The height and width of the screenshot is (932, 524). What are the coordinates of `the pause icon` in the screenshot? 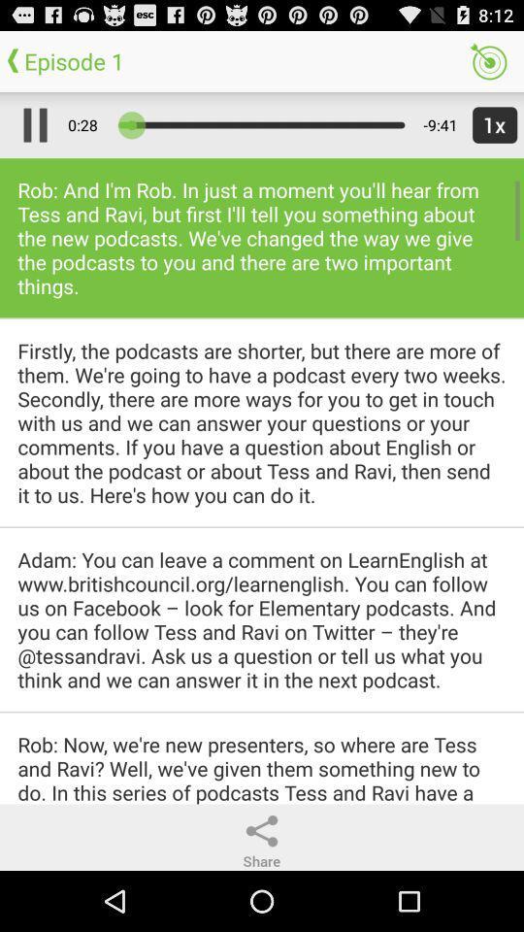 It's located at (30, 132).